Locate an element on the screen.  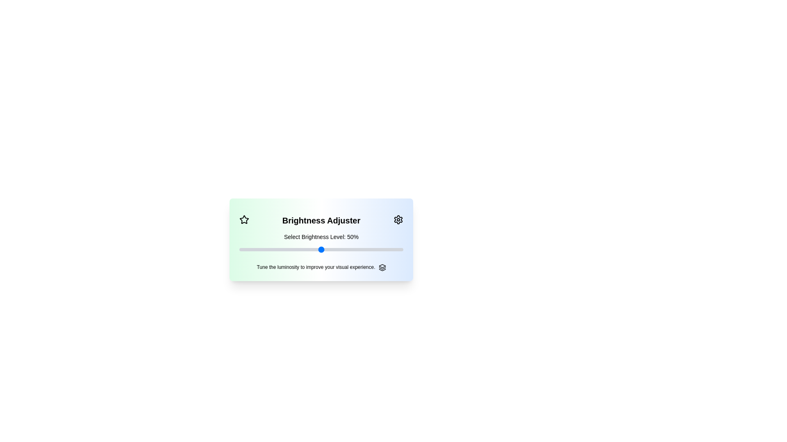
the slider to set brightness to 19% is located at coordinates (239, 249).